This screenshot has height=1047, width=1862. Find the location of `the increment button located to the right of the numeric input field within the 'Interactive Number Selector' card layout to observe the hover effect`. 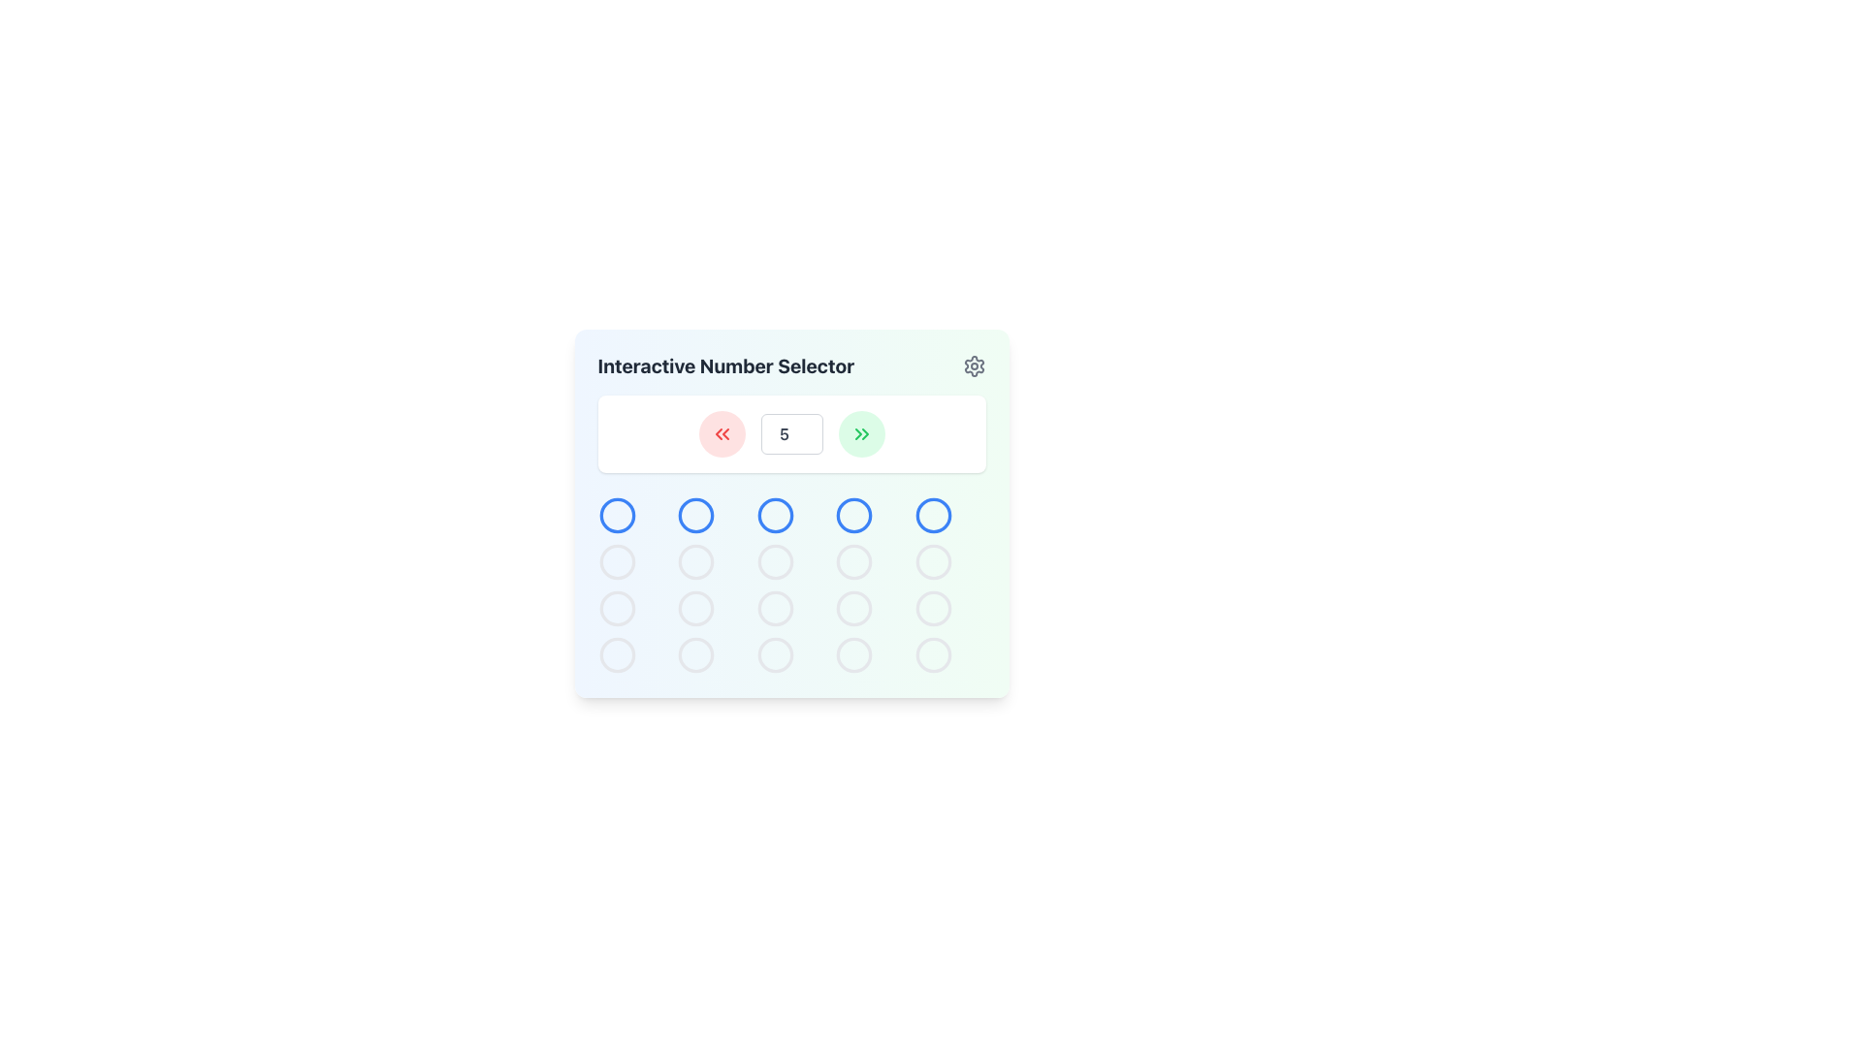

the increment button located to the right of the numeric input field within the 'Interactive Number Selector' card layout to observe the hover effect is located at coordinates (860, 432).